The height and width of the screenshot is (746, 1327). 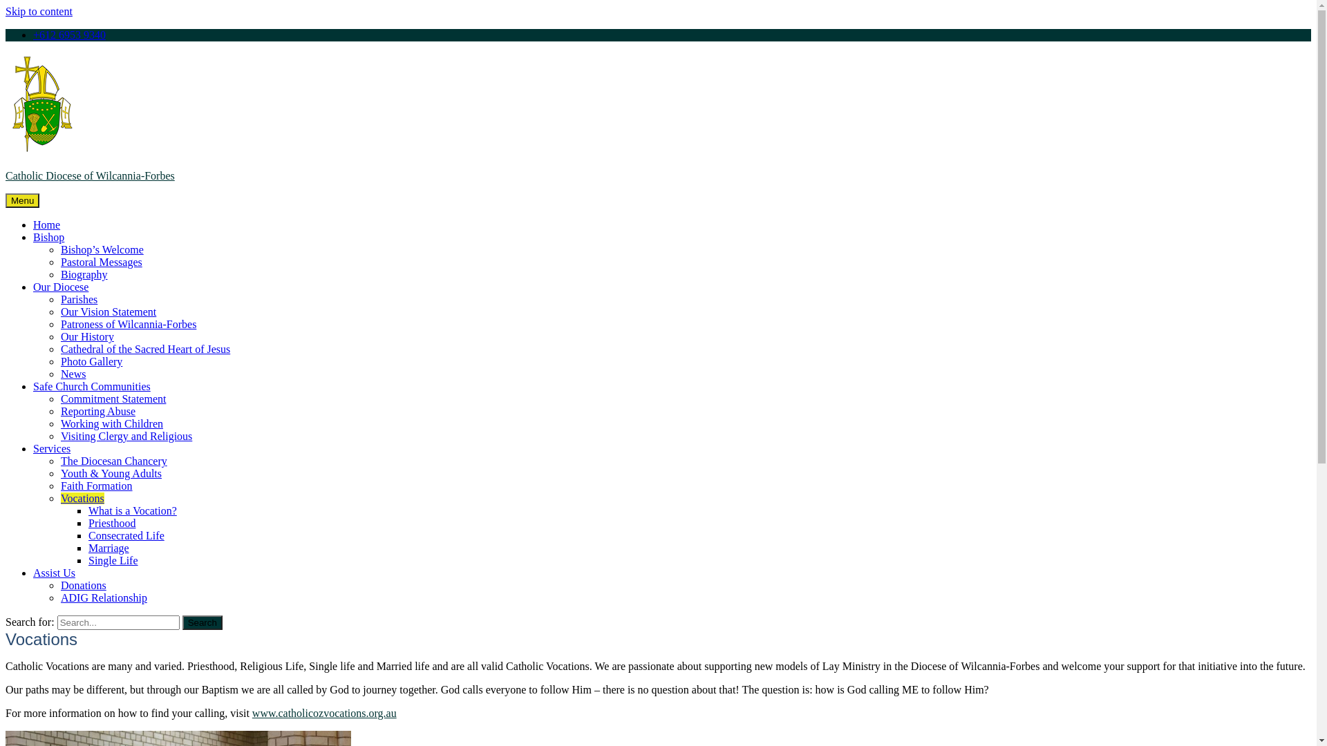 I want to click on 'Working with Children', so click(x=112, y=423).